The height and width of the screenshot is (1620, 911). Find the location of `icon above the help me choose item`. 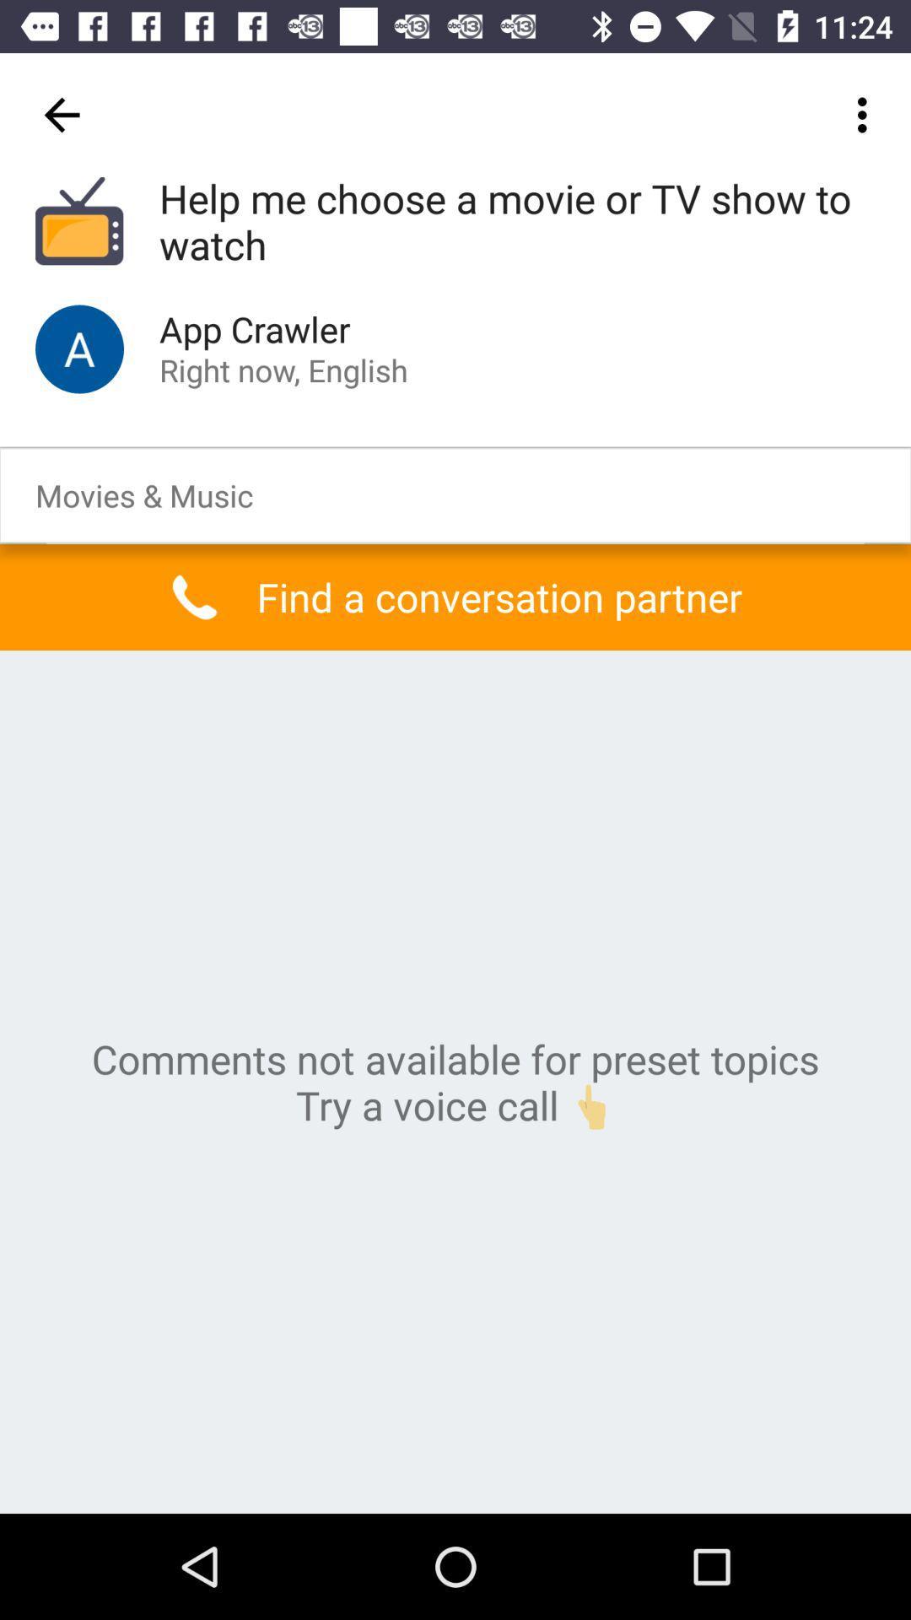

icon above the help me choose item is located at coordinates (866, 114).